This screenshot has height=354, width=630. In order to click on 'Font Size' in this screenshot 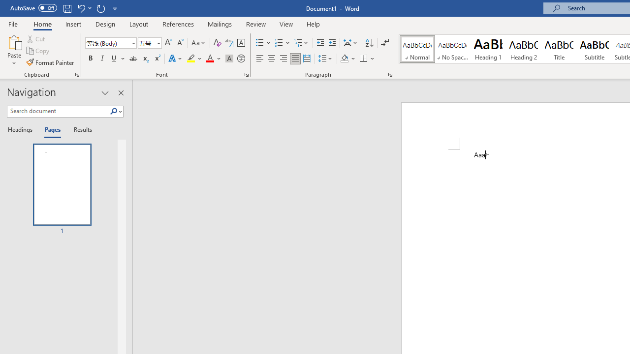, I will do `click(149, 42)`.